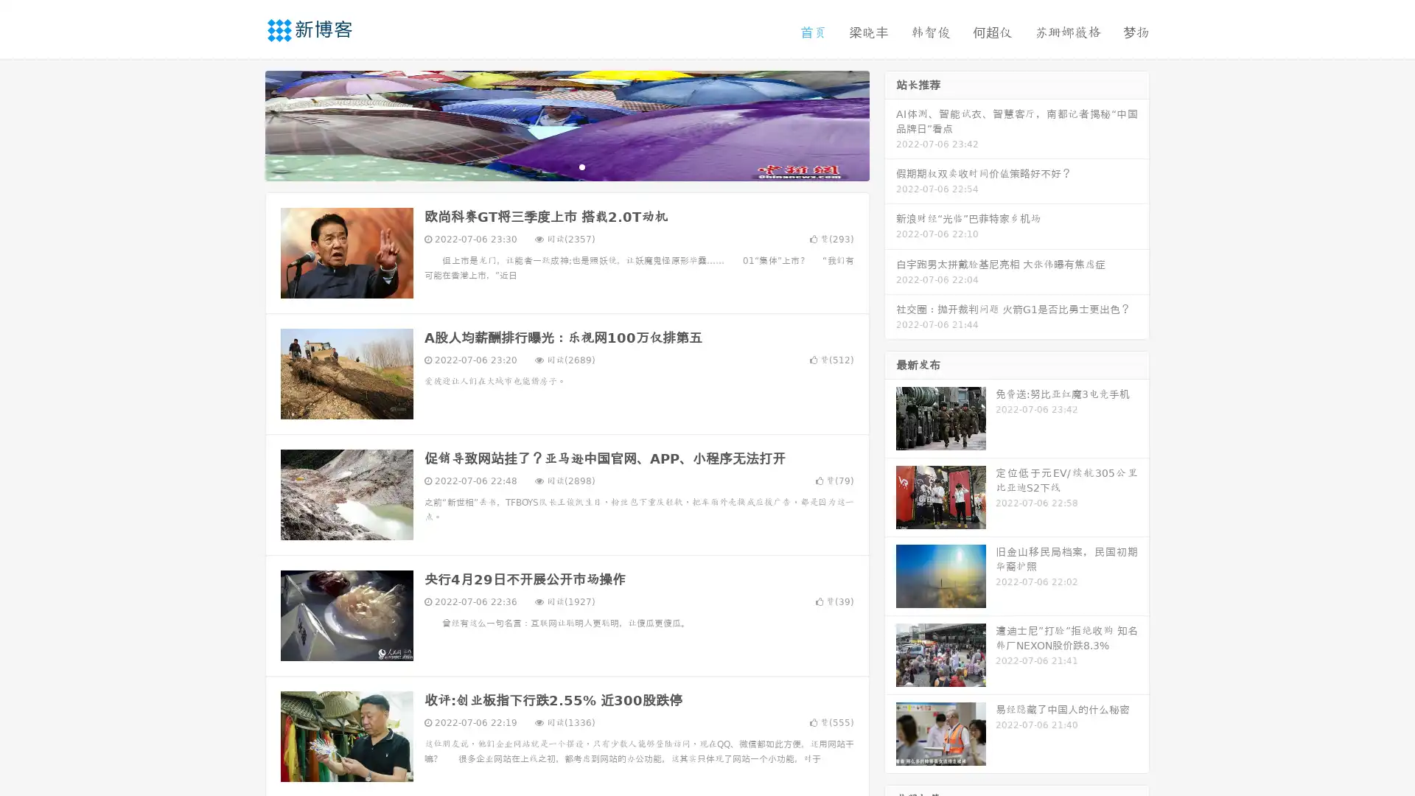 Image resolution: width=1415 pixels, height=796 pixels. What do you see at coordinates (581, 166) in the screenshot?
I see `Go to slide 3` at bounding box center [581, 166].